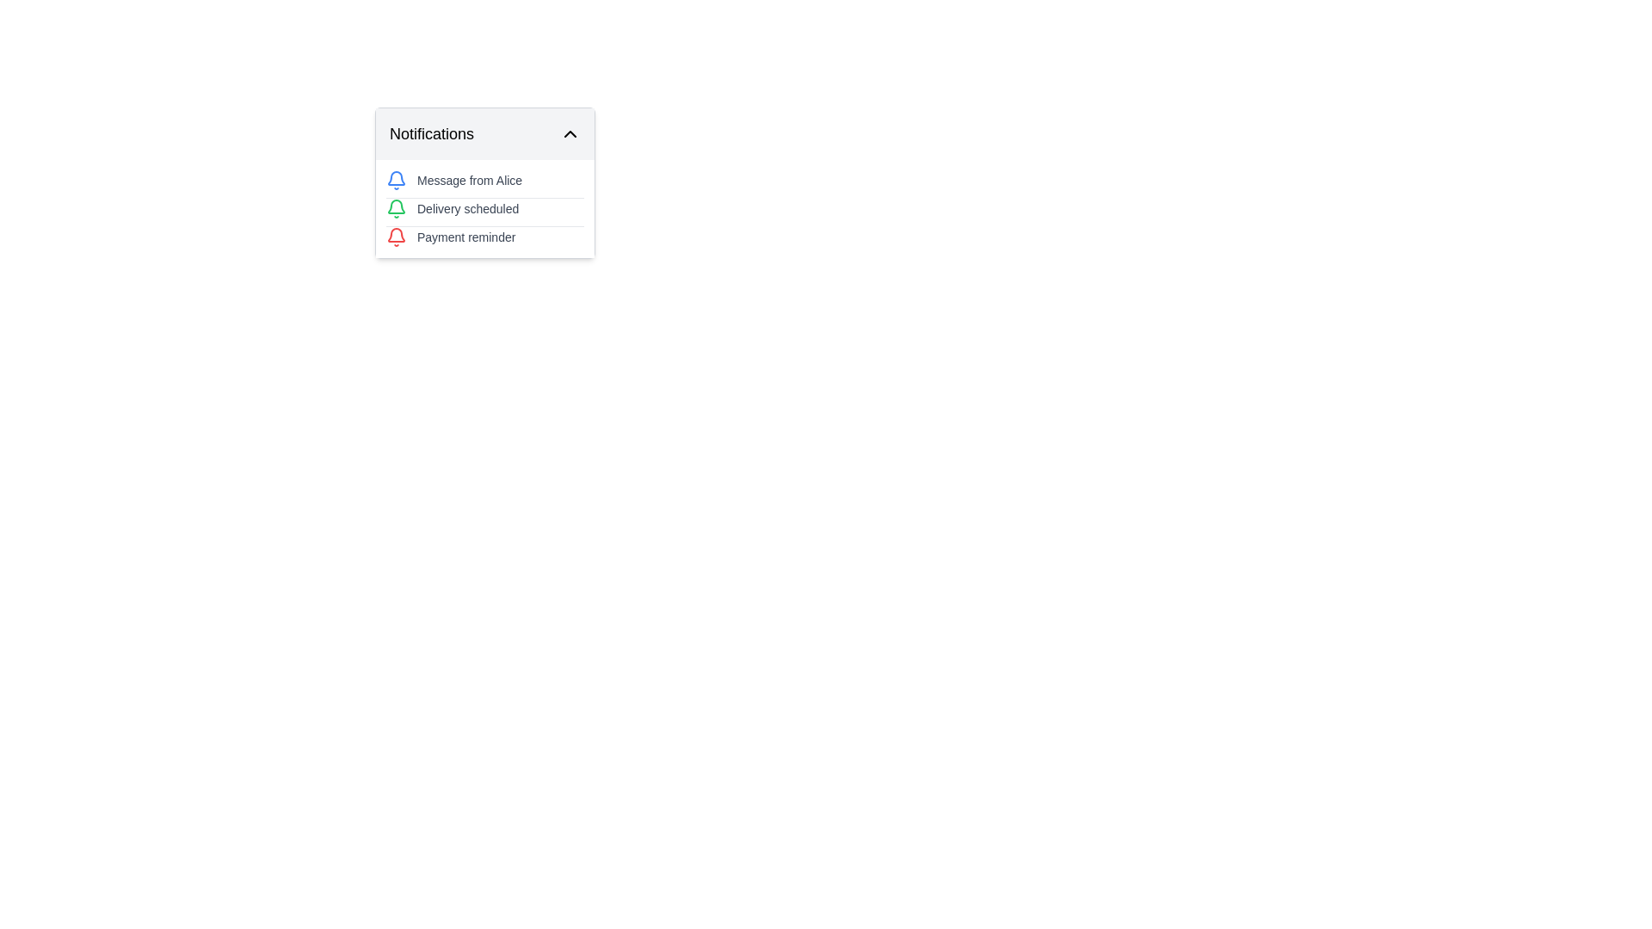 This screenshot has height=929, width=1652. I want to click on the first notification item in the Notifications section, which displays a blue bell icon and the text 'Message from Alice', so click(484, 180).